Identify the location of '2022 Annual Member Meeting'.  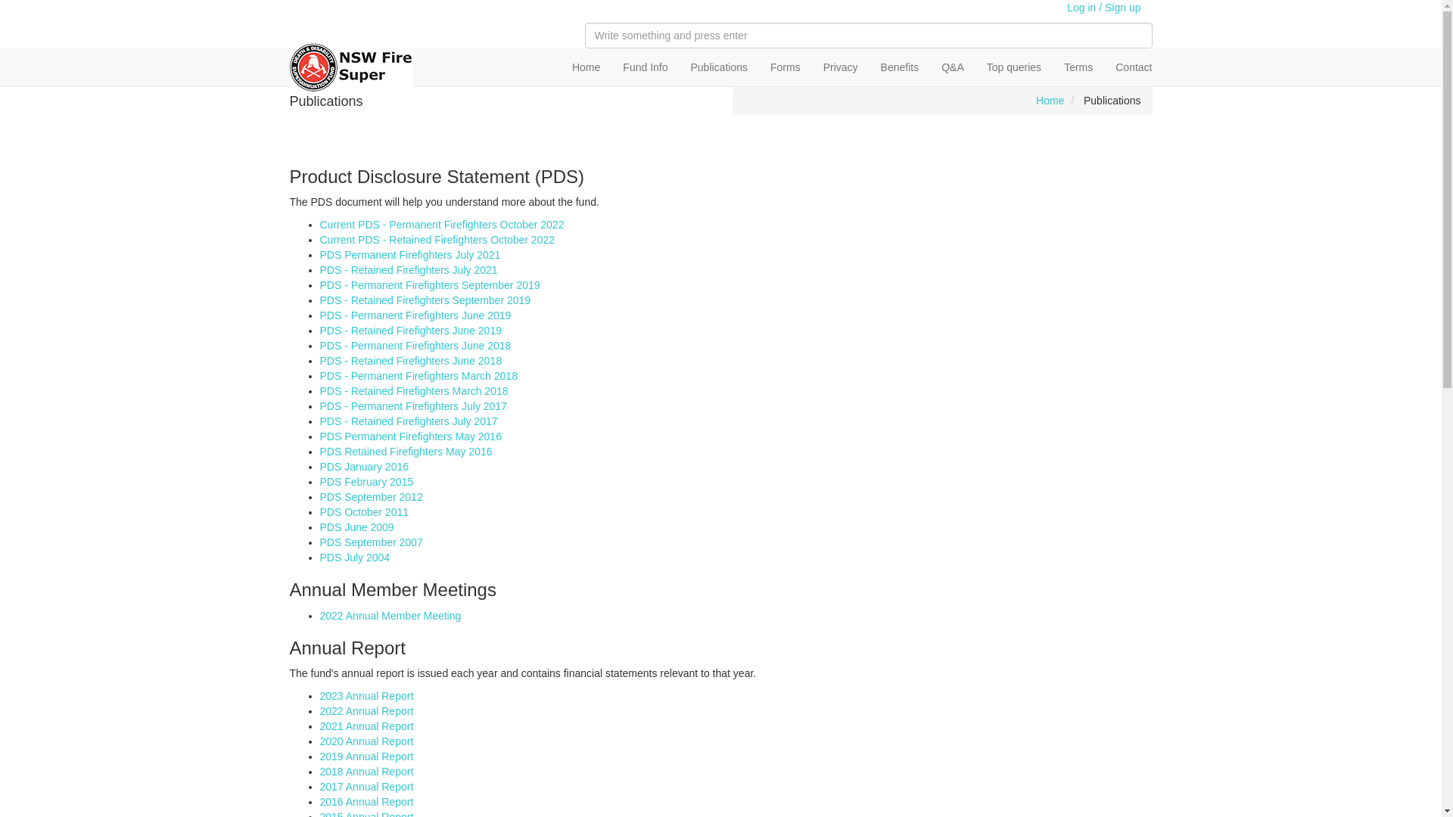
(390, 615).